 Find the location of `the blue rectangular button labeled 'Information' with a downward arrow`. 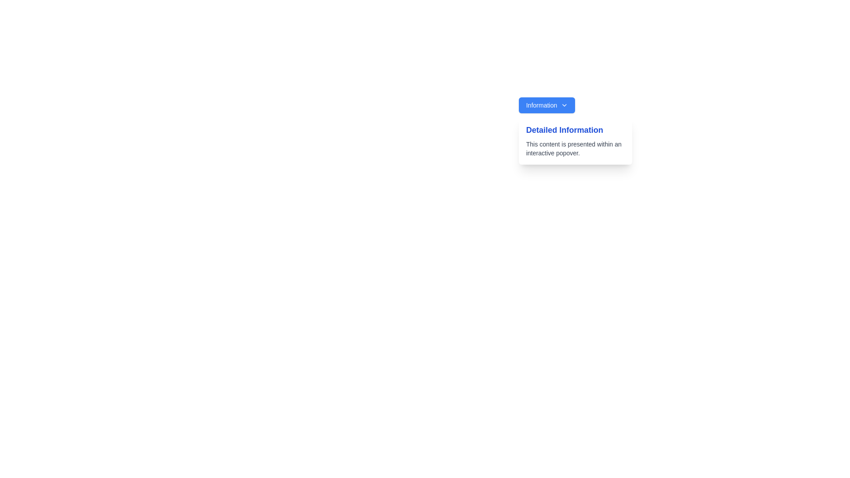

the blue rectangular button labeled 'Information' with a downward arrow is located at coordinates (546, 105).